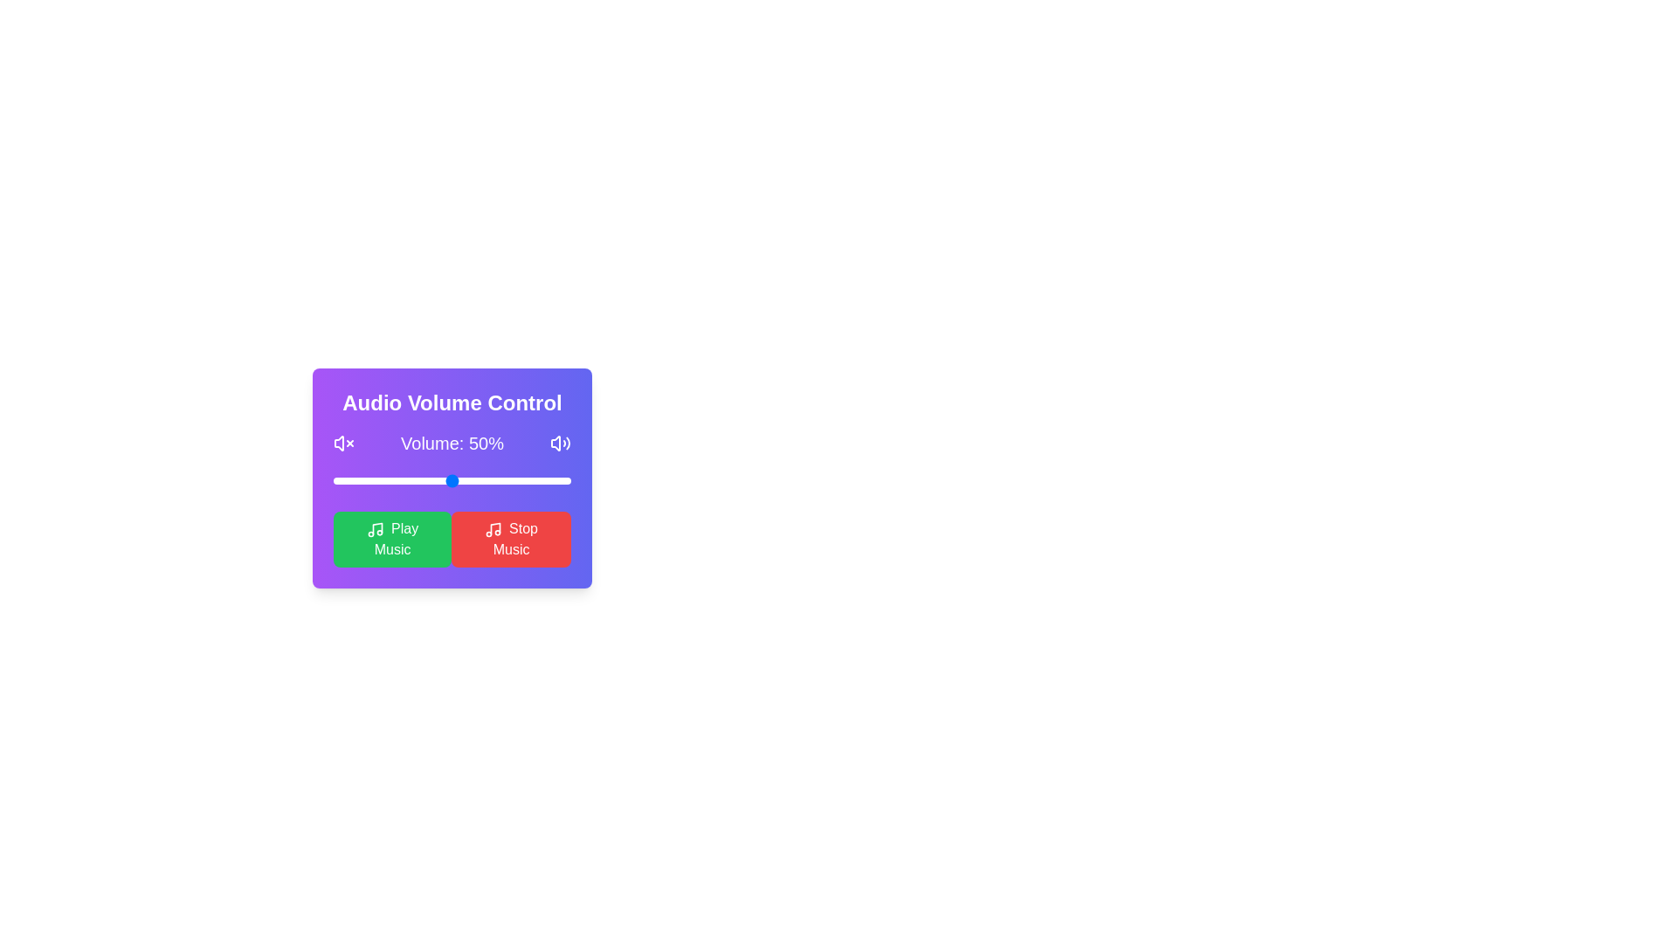 Image resolution: width=1677 pixels, height=943 pixels. Describe the element at coordinates (376, 527) in the screenshot. I see `the musical note SVG icon located near the left side of the green 'Play Music' button` at that location.